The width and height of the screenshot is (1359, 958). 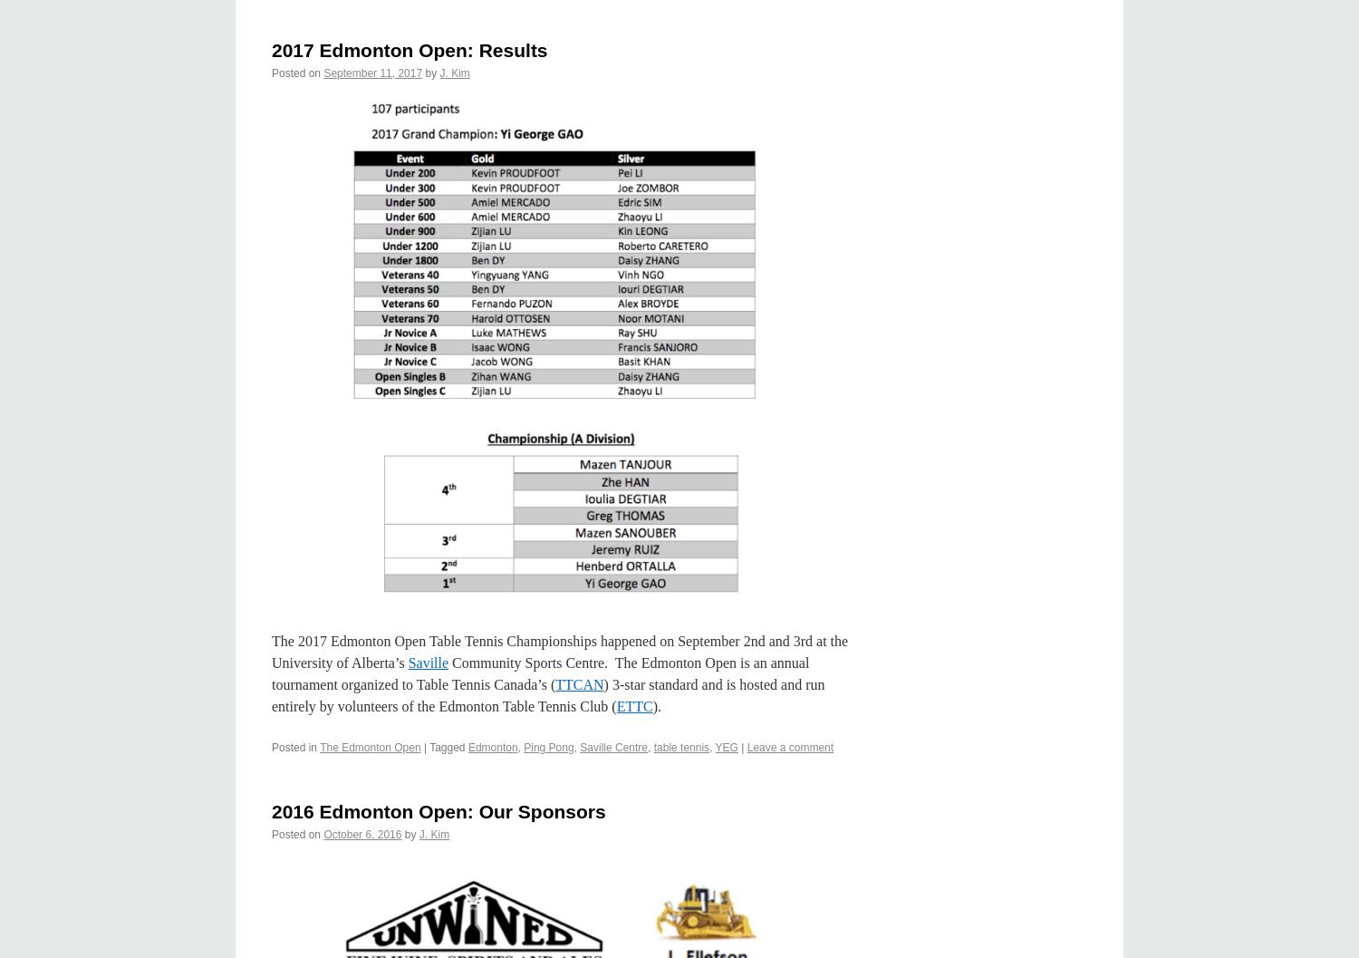 I want to click on 'Ping Pong', so click(x=547, y=747).